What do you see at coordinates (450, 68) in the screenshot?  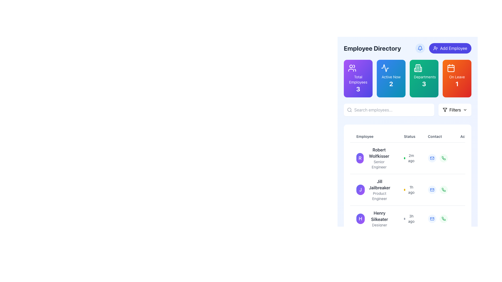 I see `the inner rectangular area of the calendar icon located in the top-right section of the interface` at bounding box center [450, 68].